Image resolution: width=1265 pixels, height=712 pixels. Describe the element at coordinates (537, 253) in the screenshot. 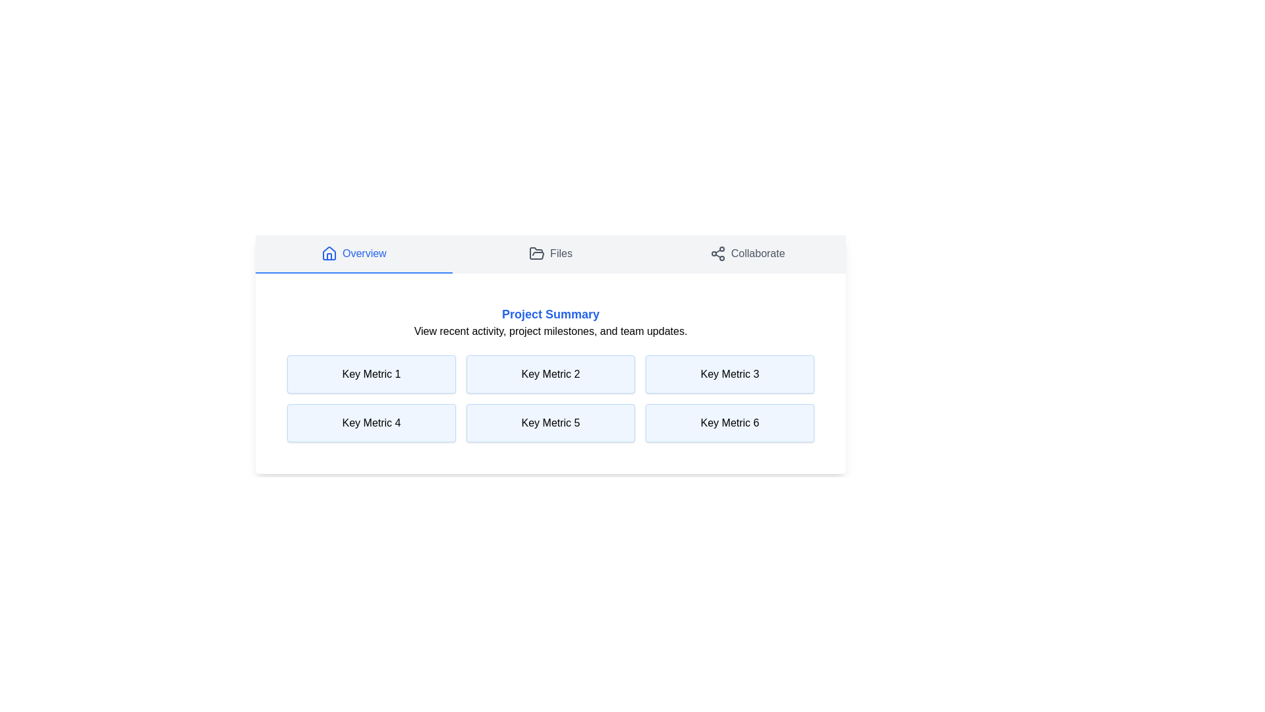

I see `the folder icon in the top navigation bar, located between the 'Overview' and 'Collaborate' icons` at that location.